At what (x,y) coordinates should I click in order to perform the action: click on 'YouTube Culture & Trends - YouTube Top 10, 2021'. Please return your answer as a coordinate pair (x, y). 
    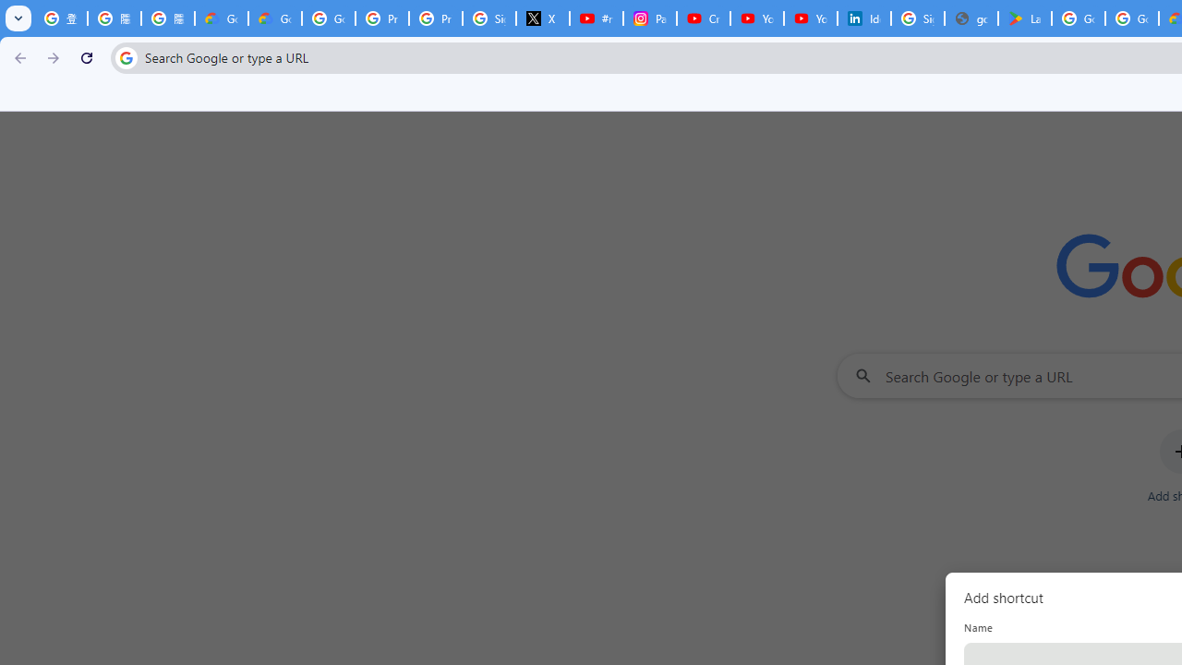
    Looking at the image, I should click on (811, 18).